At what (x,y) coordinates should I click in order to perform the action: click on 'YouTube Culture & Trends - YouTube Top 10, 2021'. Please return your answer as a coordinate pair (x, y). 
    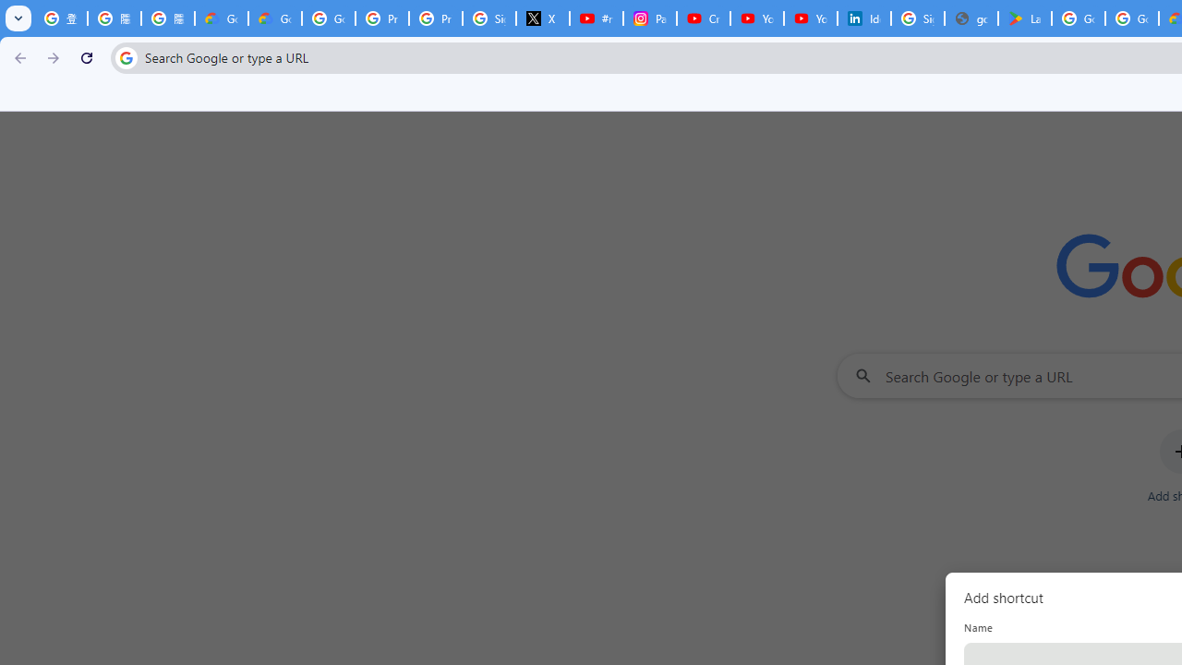
    Looking at the image, I should click on (811, 18).